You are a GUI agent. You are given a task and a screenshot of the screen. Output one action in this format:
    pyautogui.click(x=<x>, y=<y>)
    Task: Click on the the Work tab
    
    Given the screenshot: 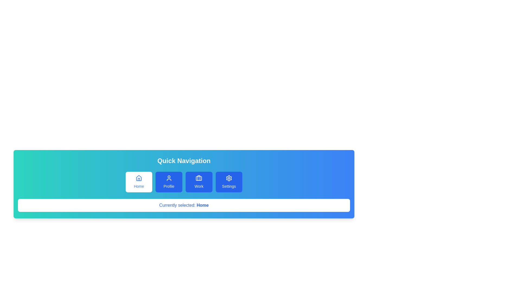 What is the action you would take?
    pyautogui.click(x=199, y=182)
    